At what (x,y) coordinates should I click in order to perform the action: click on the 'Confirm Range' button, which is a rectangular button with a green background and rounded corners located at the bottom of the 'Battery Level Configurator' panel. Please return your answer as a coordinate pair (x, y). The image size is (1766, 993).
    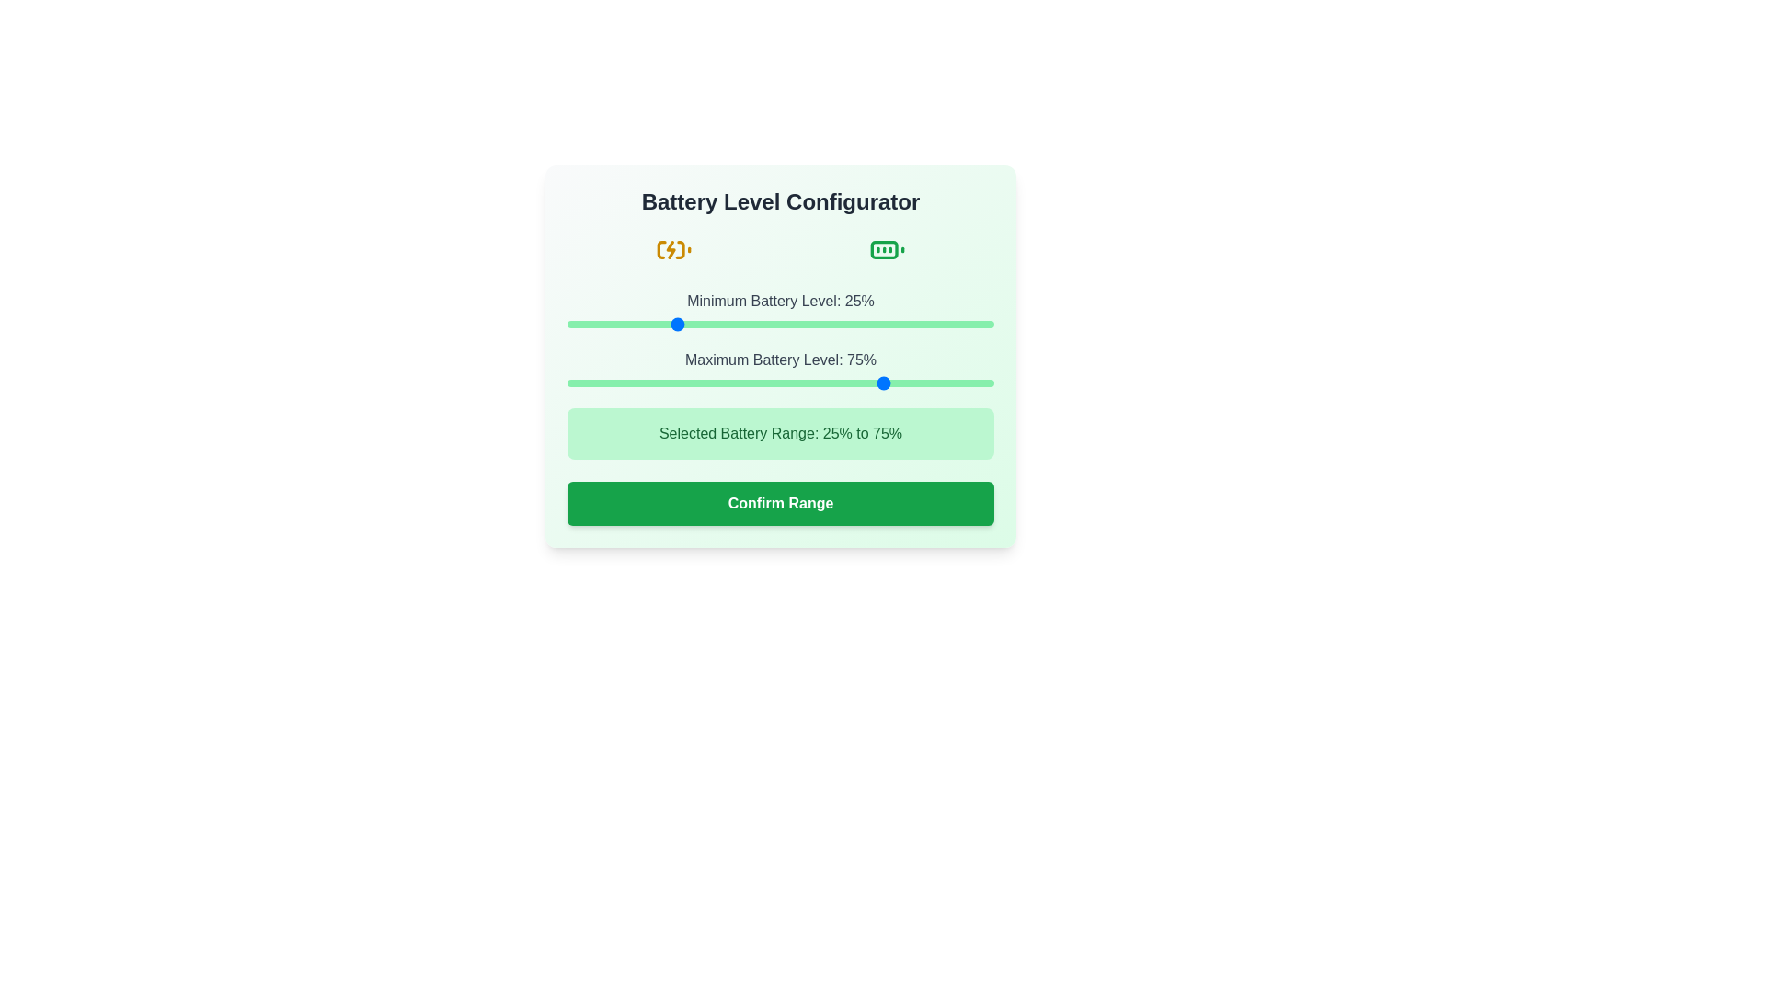
    Looking at the image, I should click on (781, 503).